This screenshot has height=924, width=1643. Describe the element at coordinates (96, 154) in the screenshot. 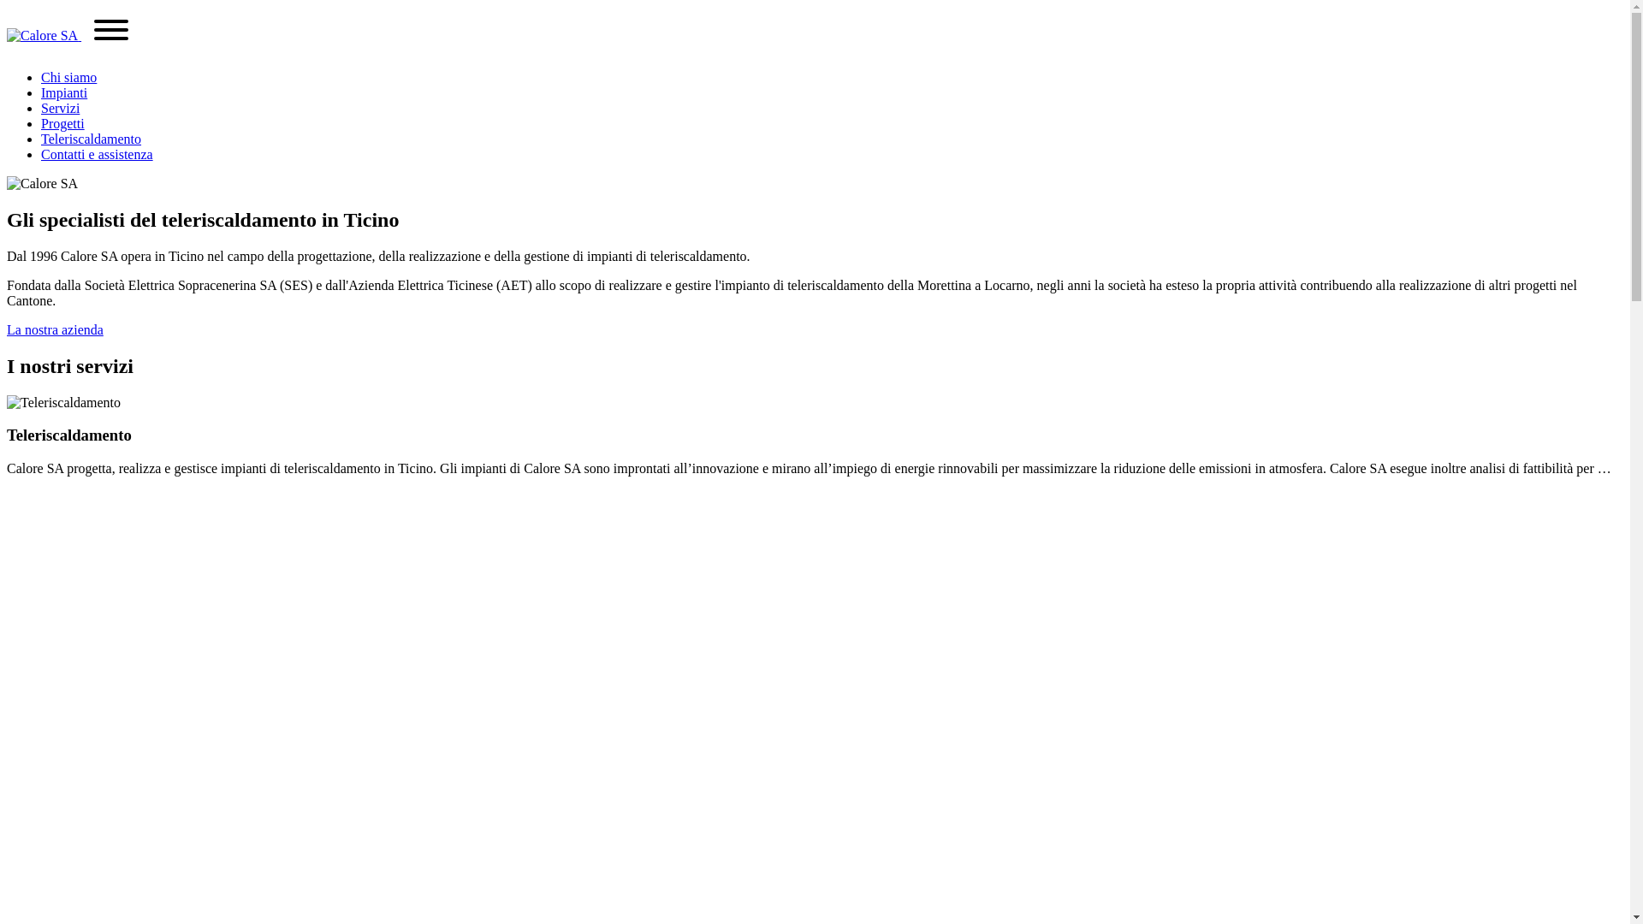

I see `'Contatti e assistenza'` at that location.